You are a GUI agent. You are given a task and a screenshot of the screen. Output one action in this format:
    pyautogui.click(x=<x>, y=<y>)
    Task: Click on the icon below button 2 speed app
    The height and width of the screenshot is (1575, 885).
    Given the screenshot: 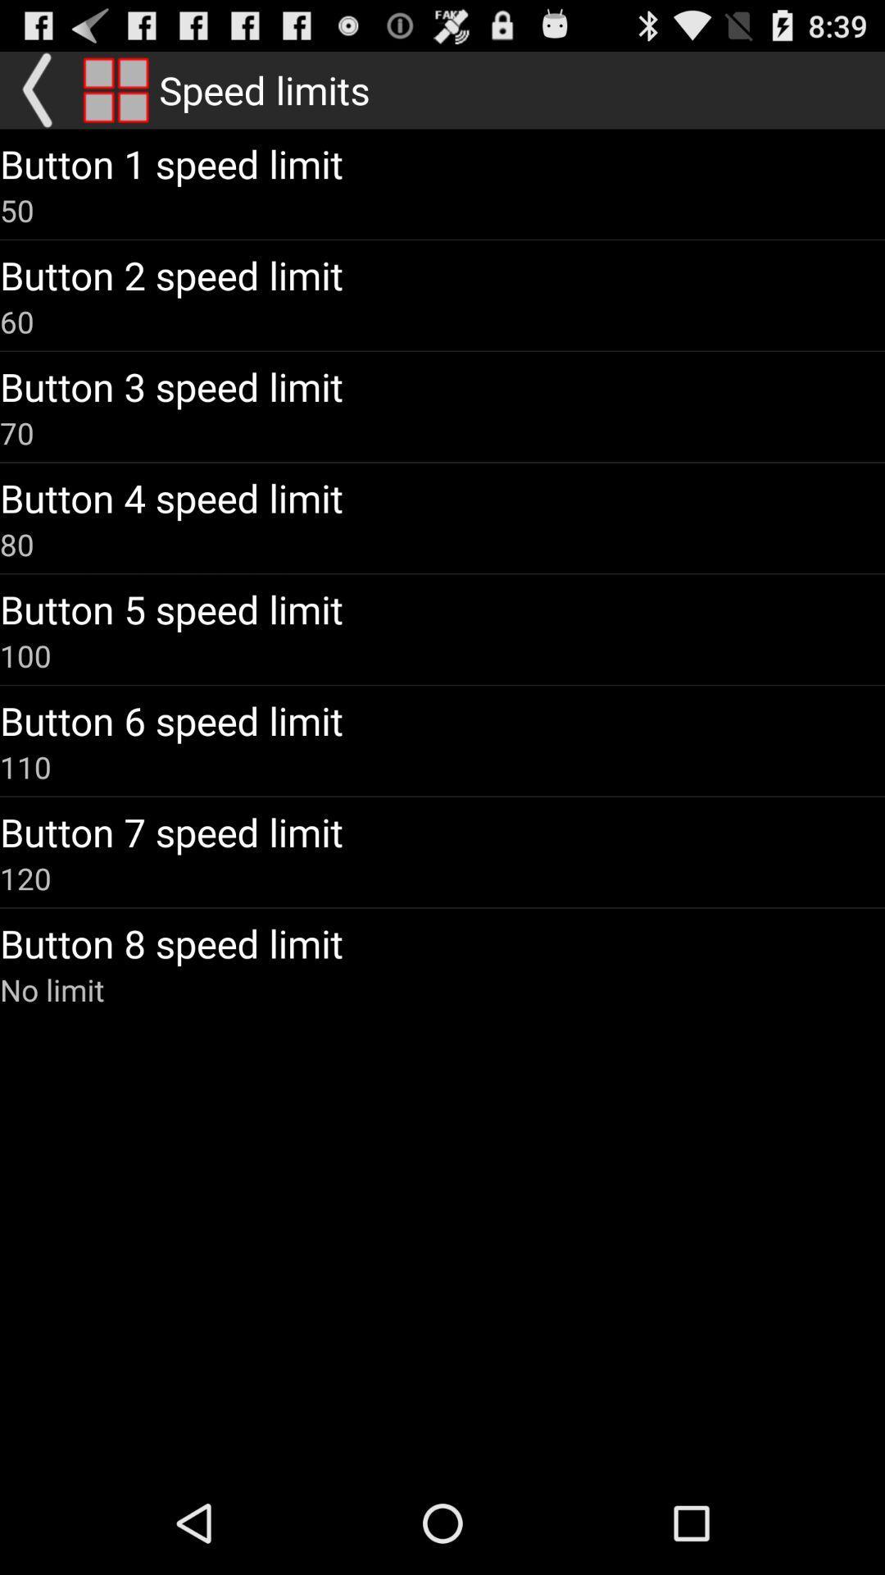 What is the action you would take?
    pyautogui.click(x=16, y=322)
    